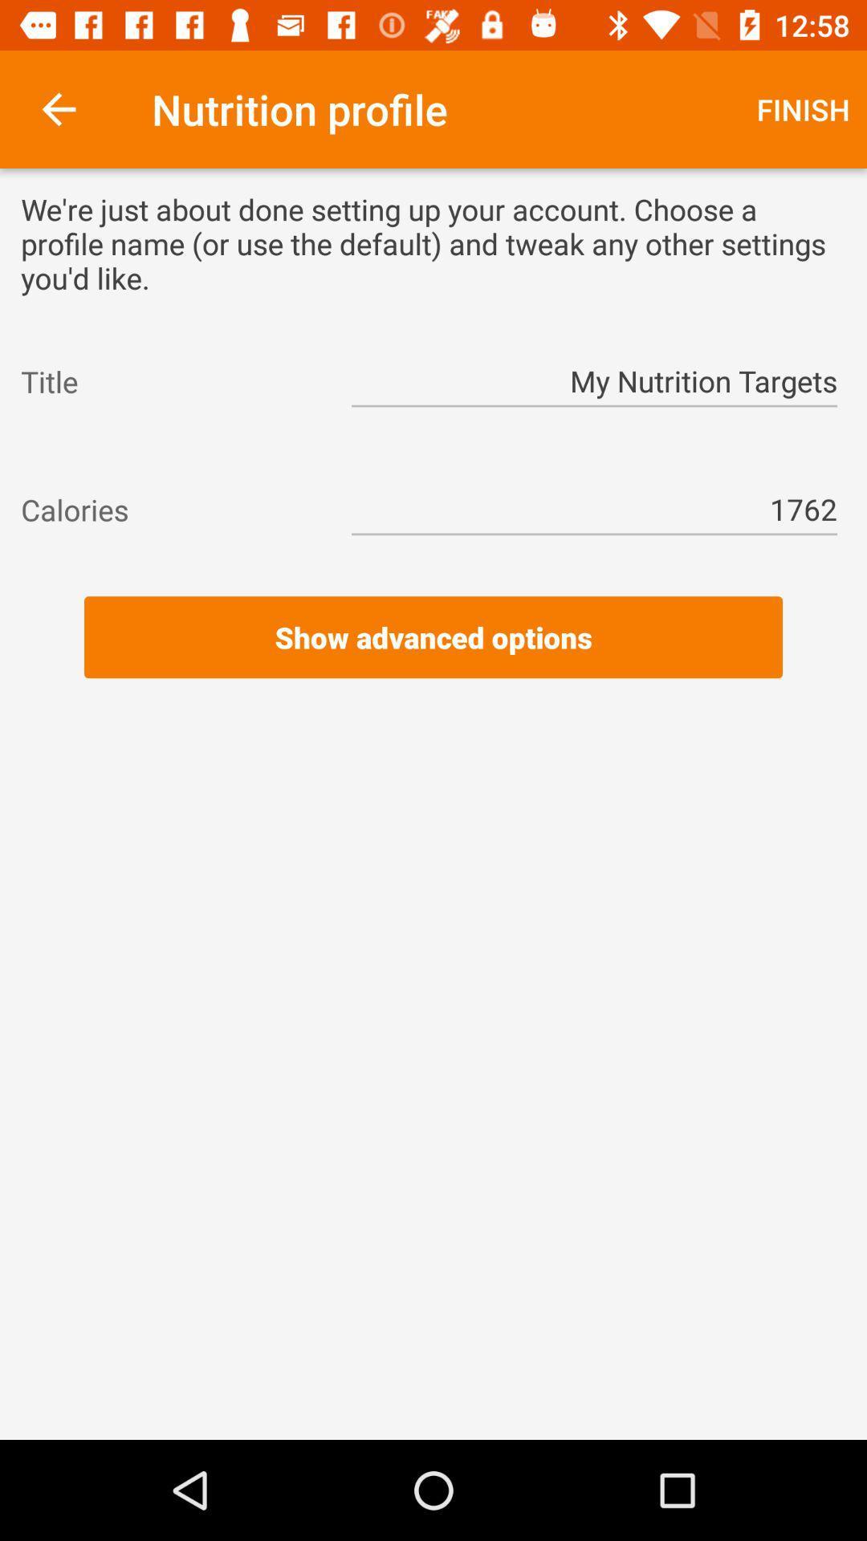 The image size is (867, 1541). I want to click on item to the right of the title icon, so click(594, 380).